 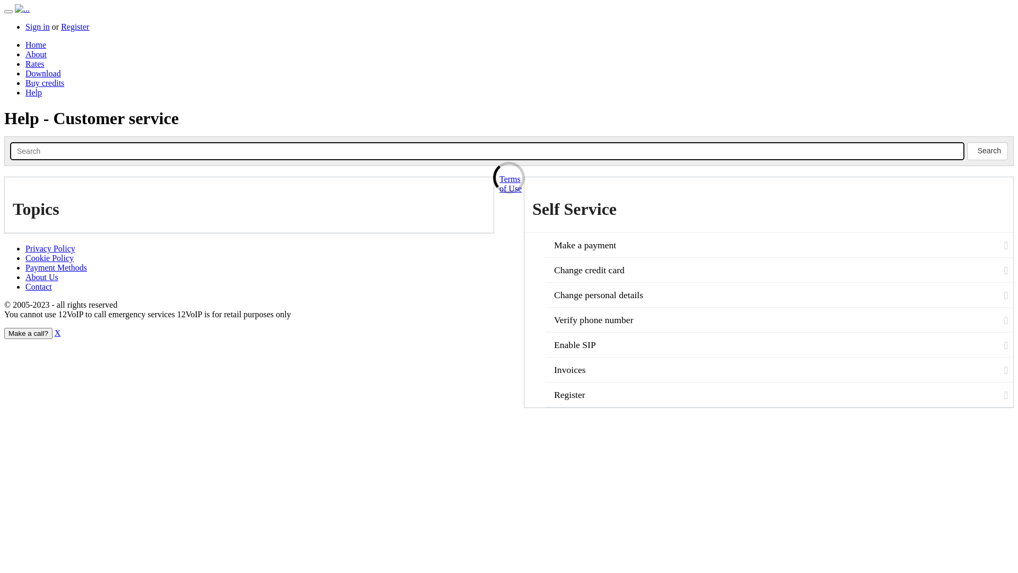 What do you see at coordinates (36, 44) in the screenshot?
I see `'Home'` at bounding box center [36, 44].